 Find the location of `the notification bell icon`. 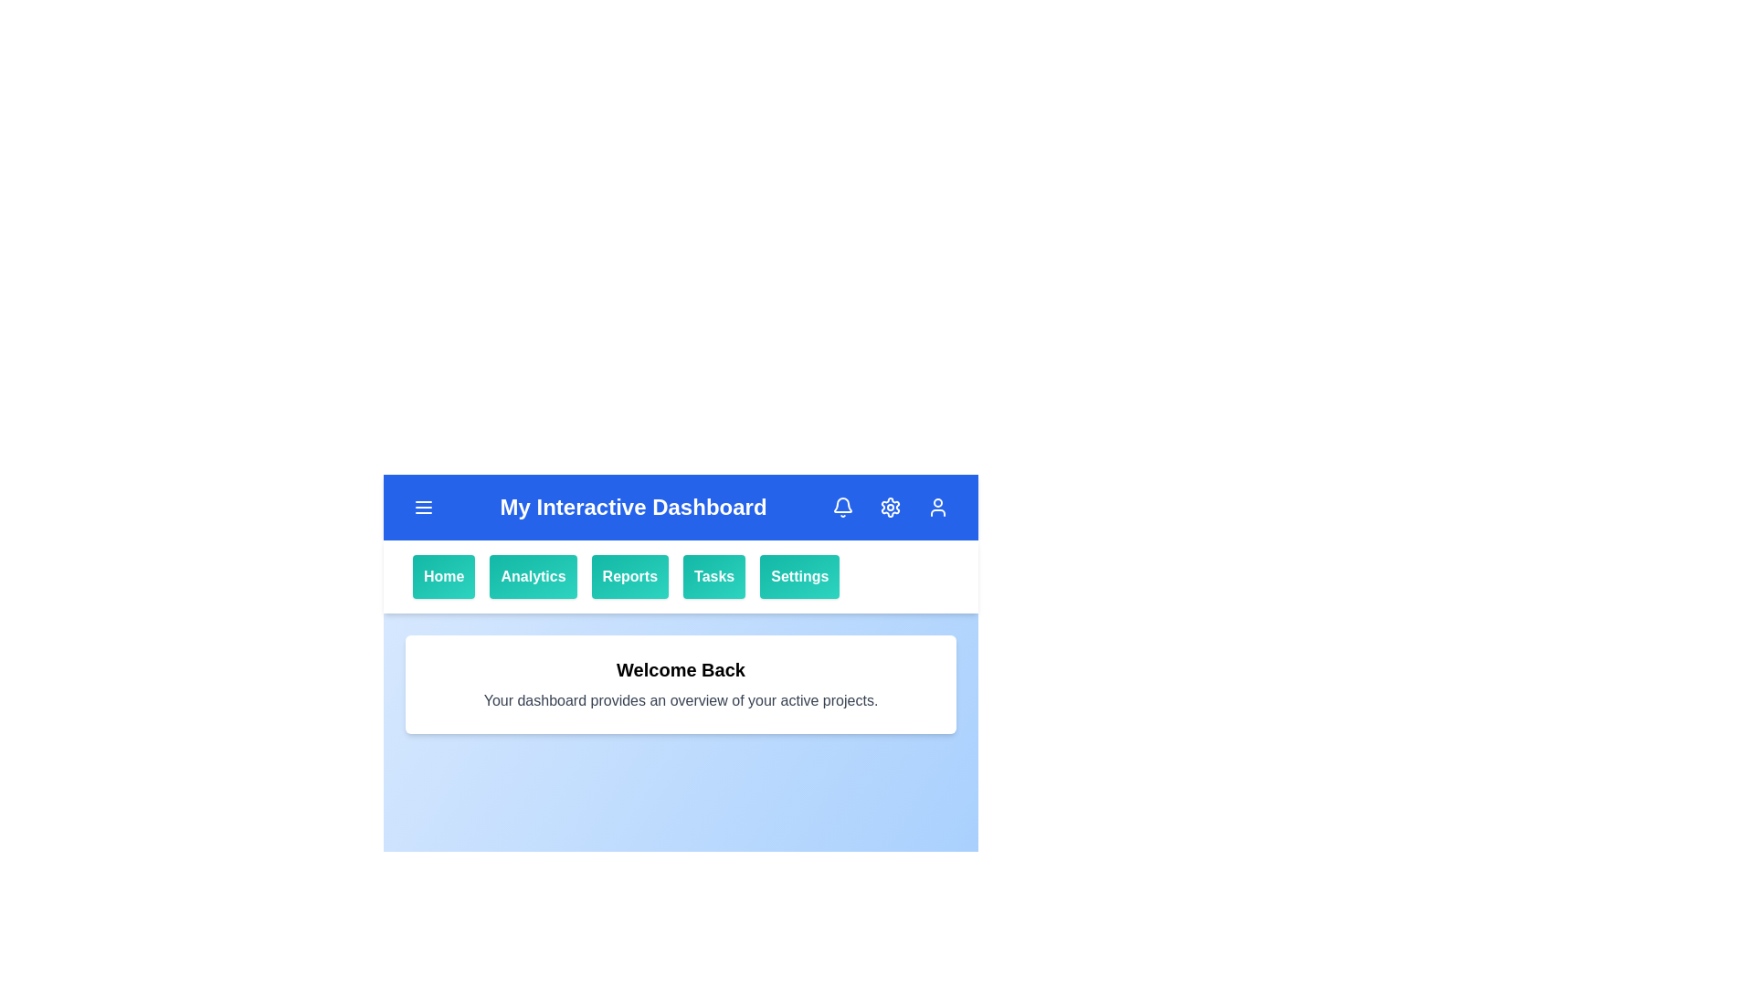

the notification bell icon is located at coordinates (841, 507).